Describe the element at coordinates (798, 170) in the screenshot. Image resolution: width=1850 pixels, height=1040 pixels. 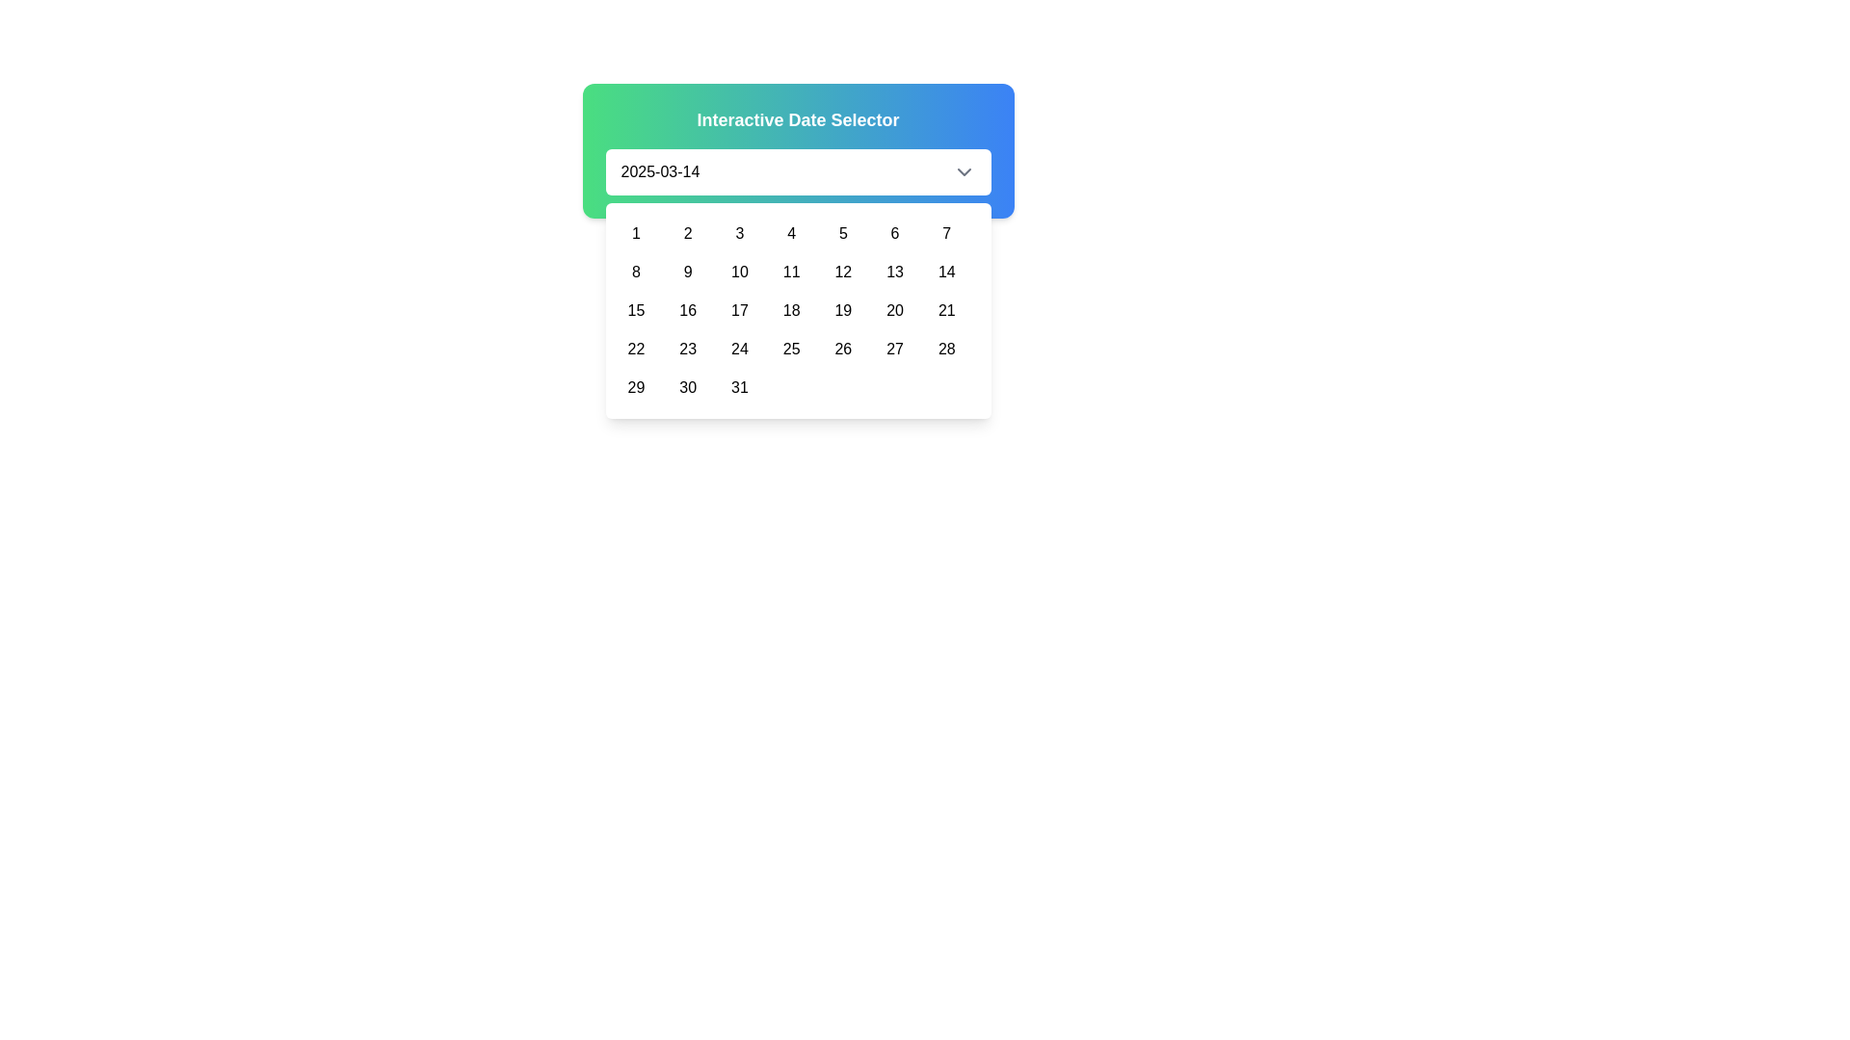
I see `the Dropdown menu displaying the date '2025-03-14'` at that location.